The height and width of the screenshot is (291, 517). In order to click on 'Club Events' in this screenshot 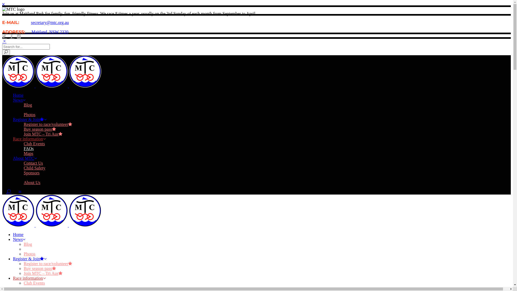, I will do `click(34, 283)`.